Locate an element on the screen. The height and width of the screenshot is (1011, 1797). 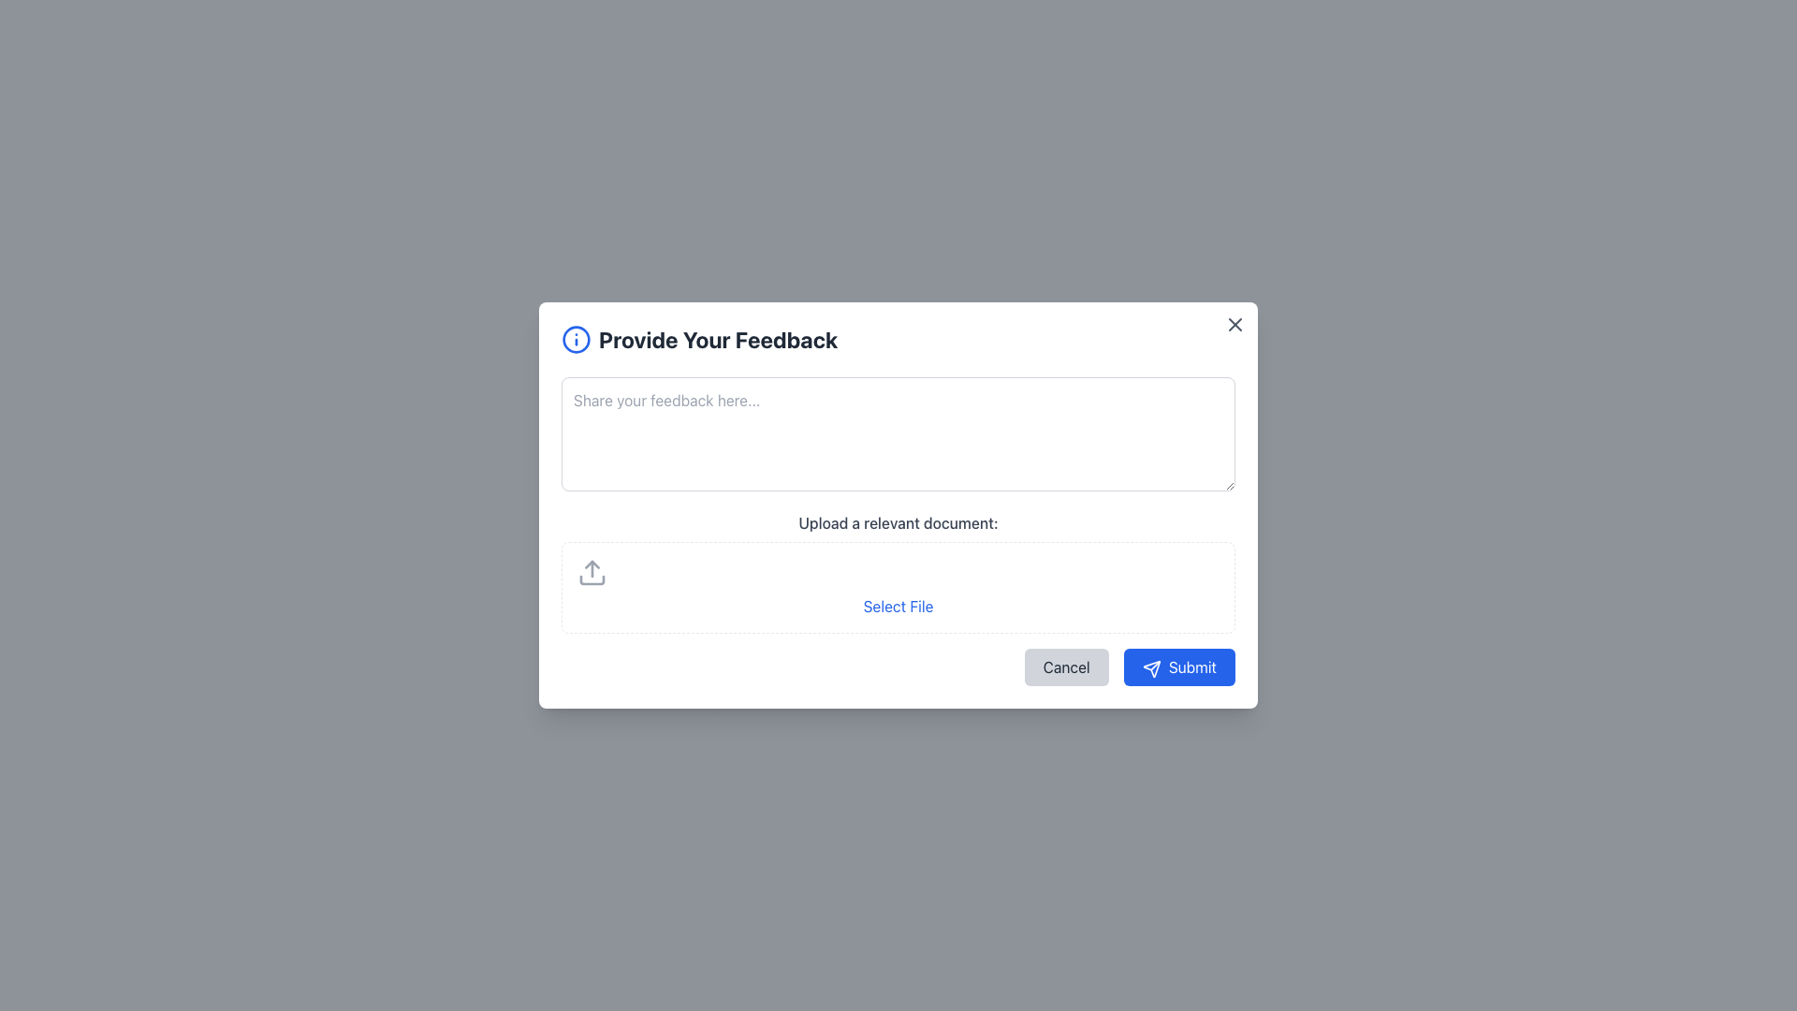
the 'Select File' button with a dashed border and rounded corners in the modal titled 'Provide Your Feedback' is located at coordinates (898, 587).